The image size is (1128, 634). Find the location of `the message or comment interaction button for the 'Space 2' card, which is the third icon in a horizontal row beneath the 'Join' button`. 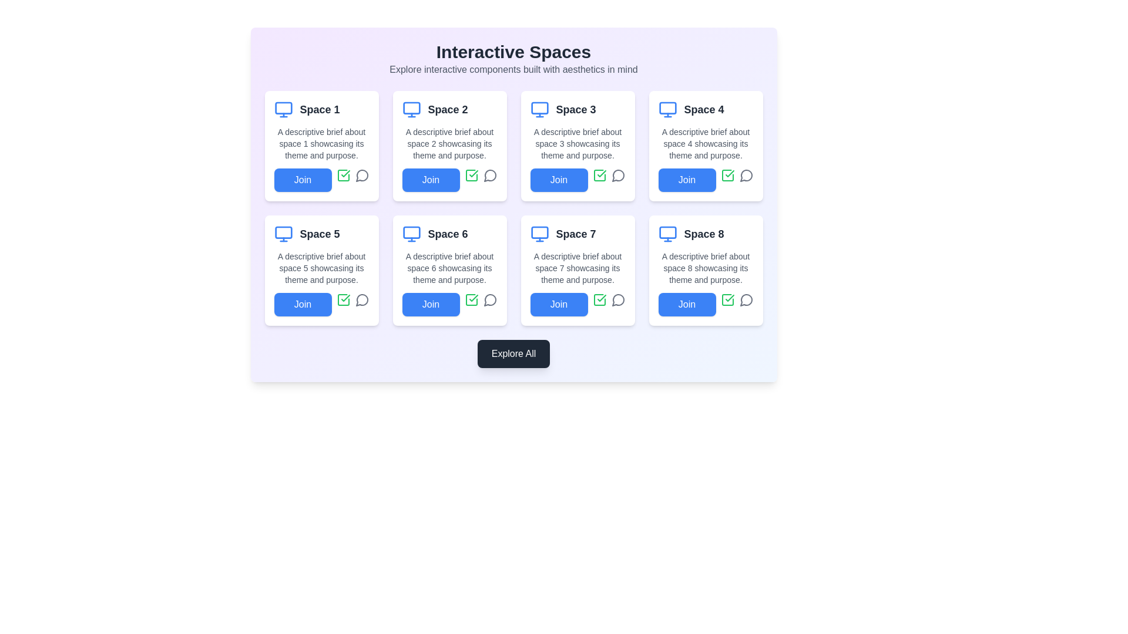

the message or comment interaction button for the 'Space 2' card, which is the third icon in a horizontal row beneath the 'Join' button is located at coordinates (490, 176).